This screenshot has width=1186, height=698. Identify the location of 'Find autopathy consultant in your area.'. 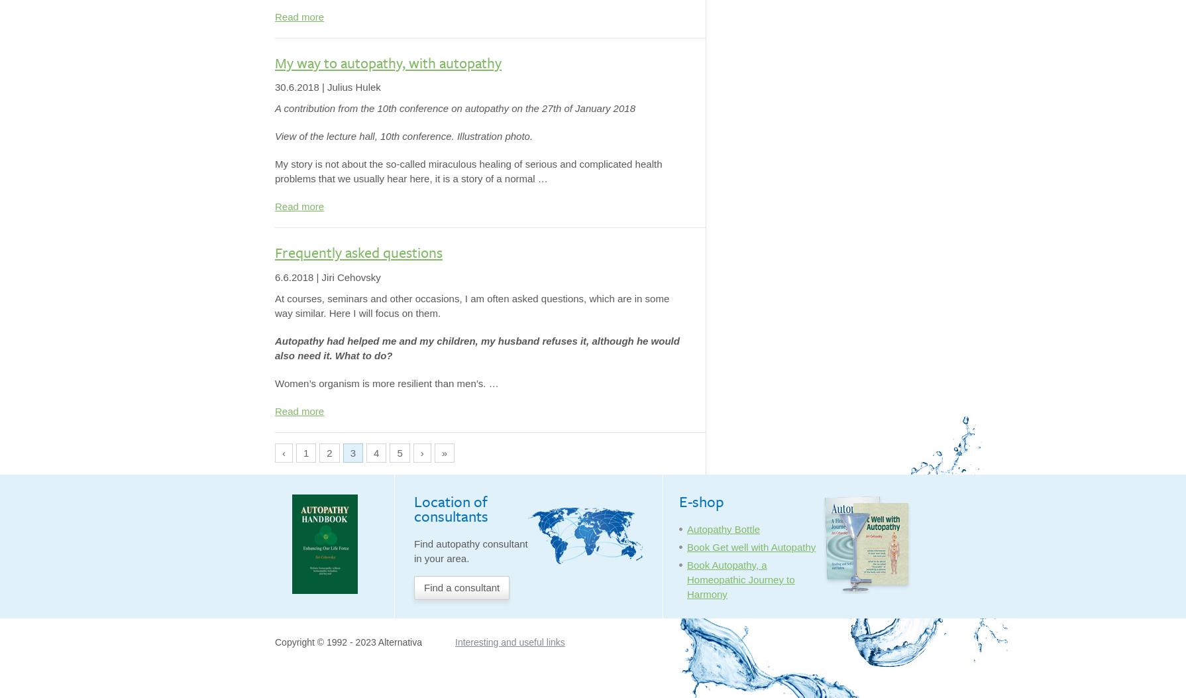
(470, 550).